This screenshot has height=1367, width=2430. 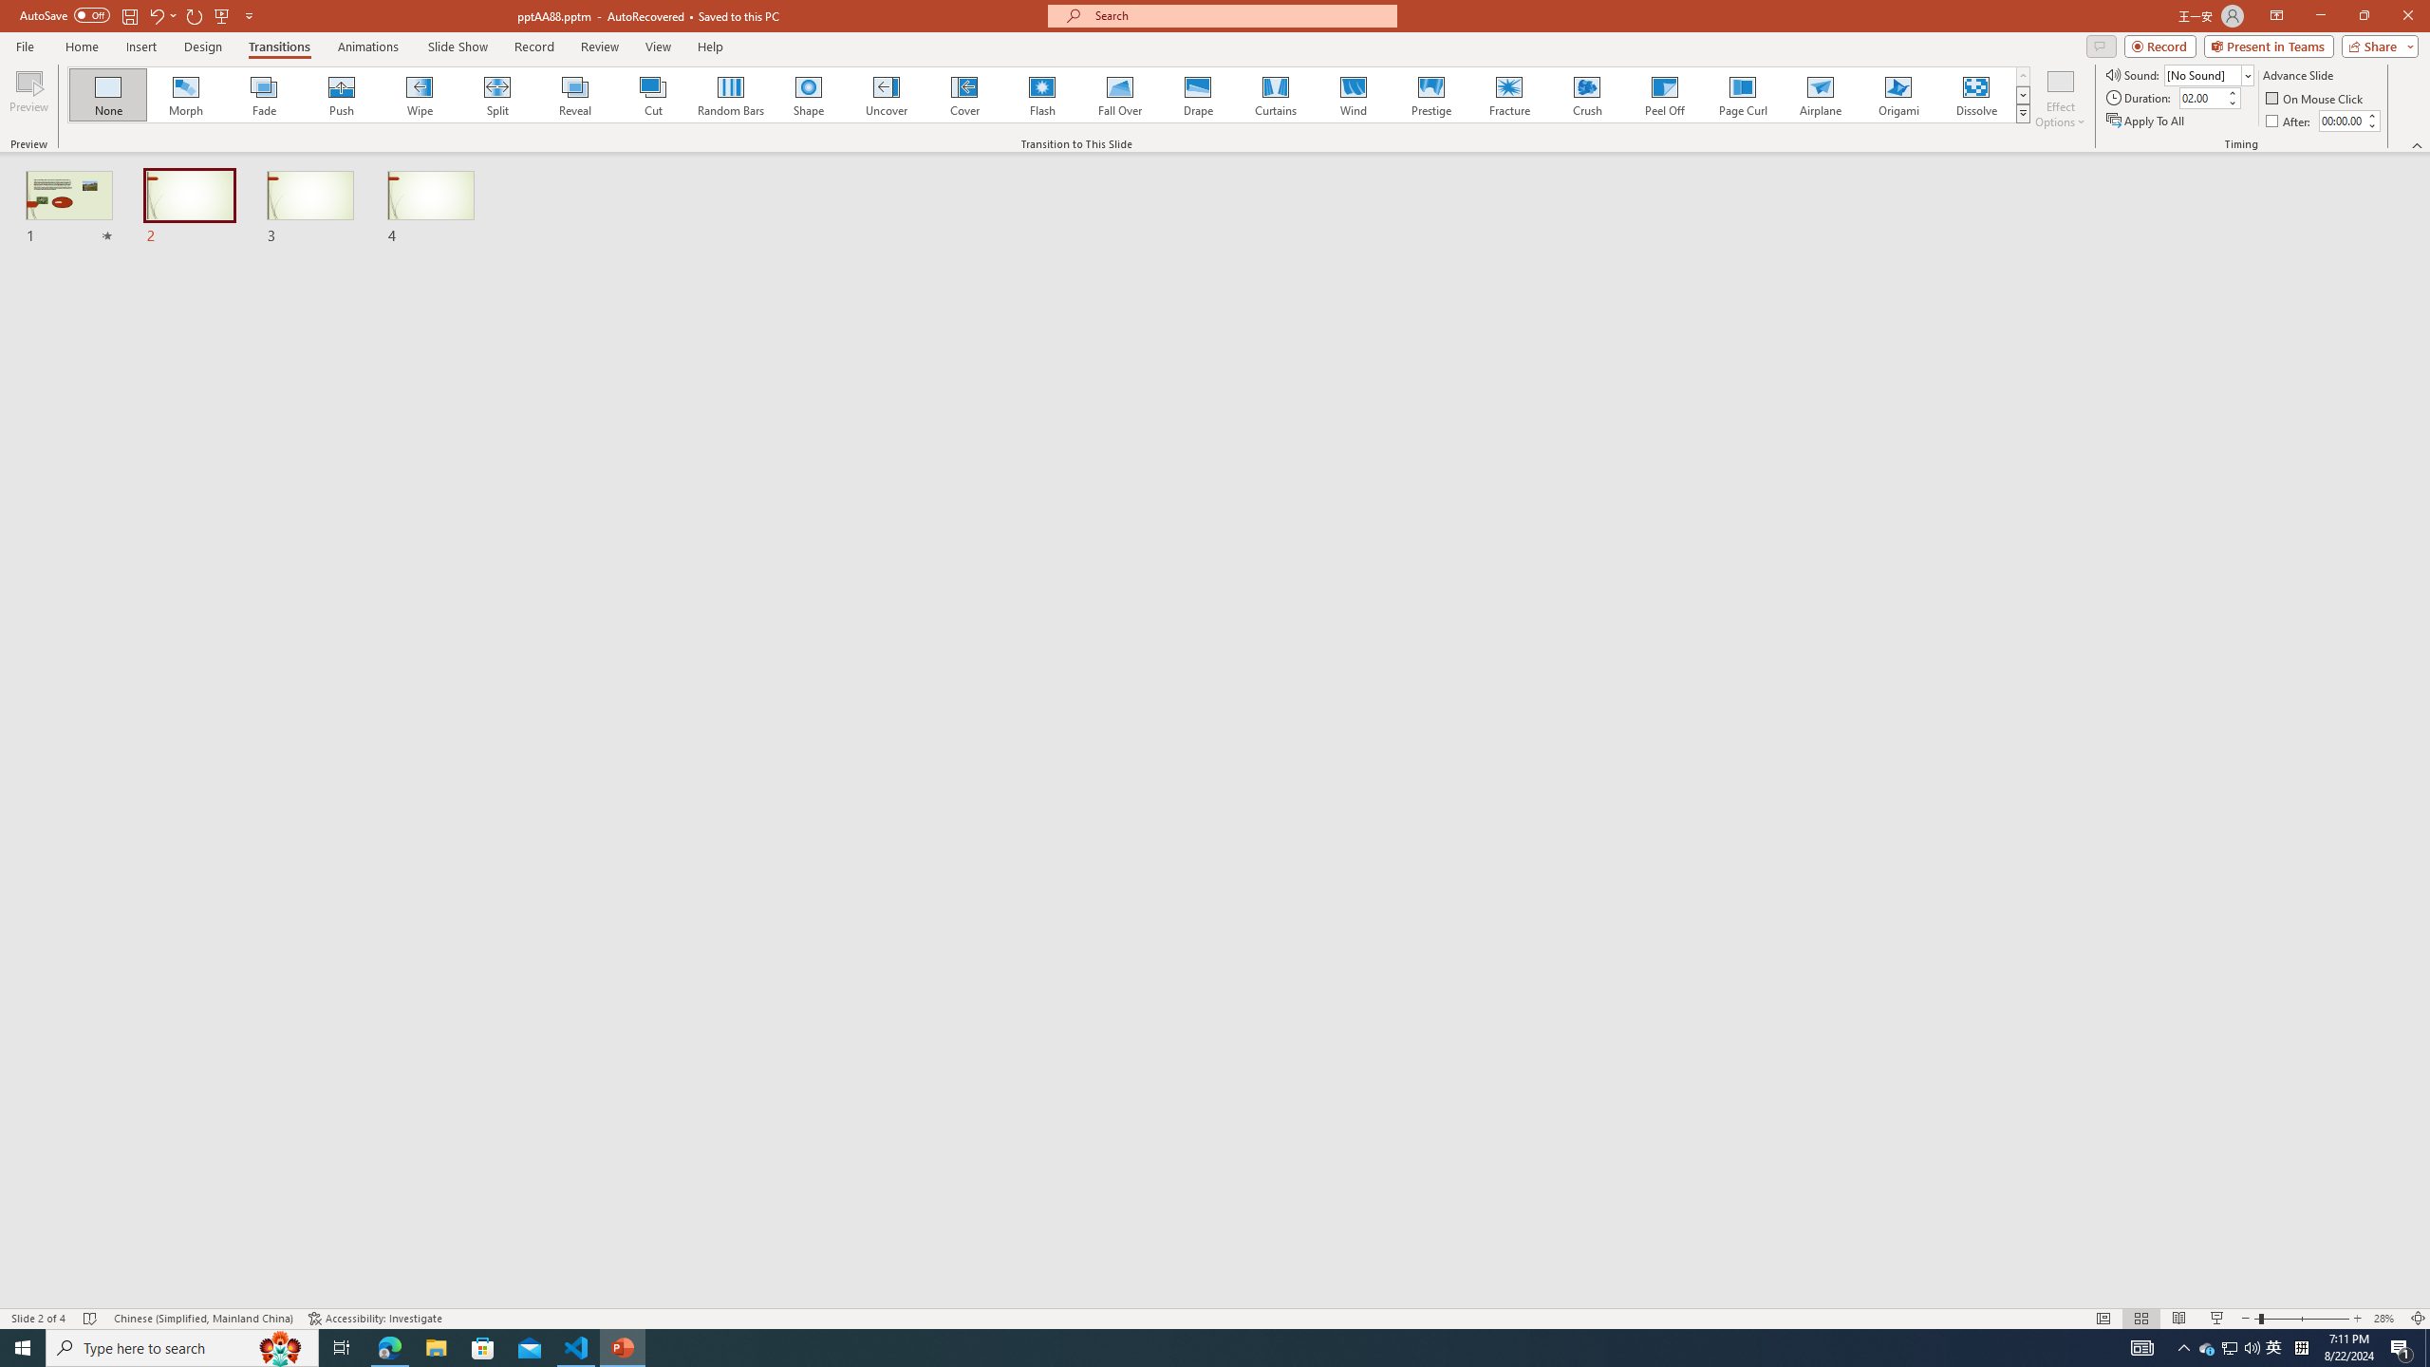 I want to click on 'Page Curl', so click(x=1741, y=94).